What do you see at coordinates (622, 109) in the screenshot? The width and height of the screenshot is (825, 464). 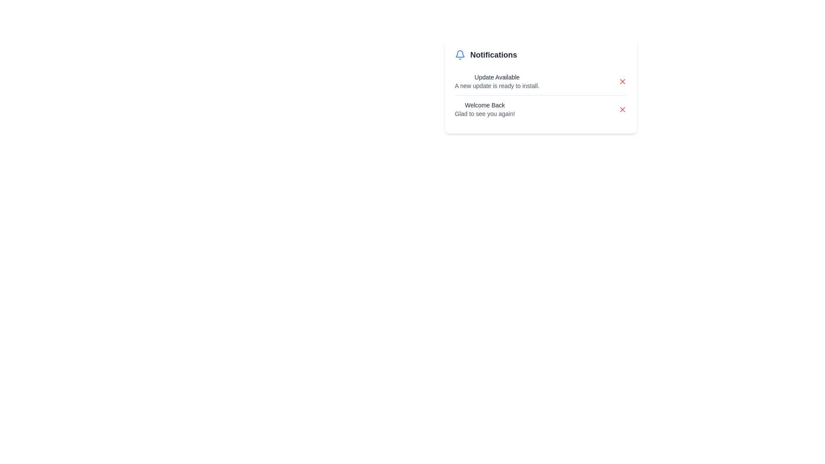 I see `the small red Close button, which resembles a framed 'X' symbol, located at the bottom-right corner of the 'Welcome Back' notification panel` at bounding box center [622, 109].